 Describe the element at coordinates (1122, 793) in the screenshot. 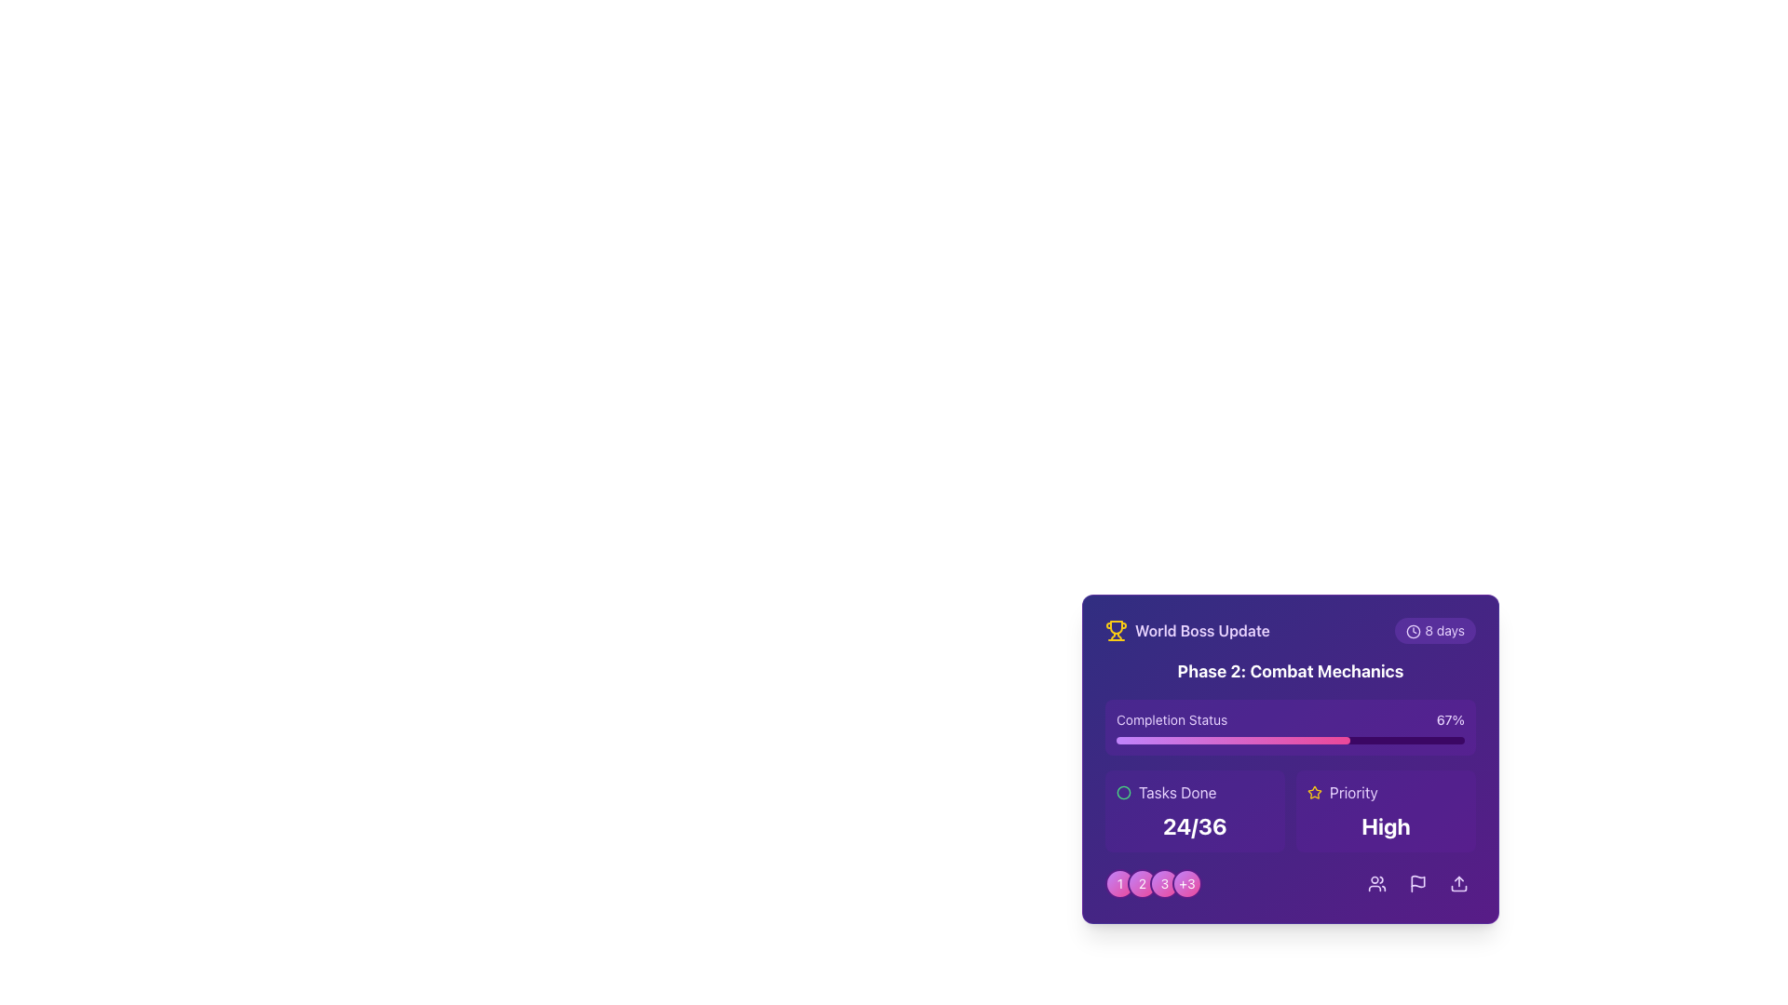

I see `the status indicator icon located at the bottom-right area of the UI card to interact` at that location.